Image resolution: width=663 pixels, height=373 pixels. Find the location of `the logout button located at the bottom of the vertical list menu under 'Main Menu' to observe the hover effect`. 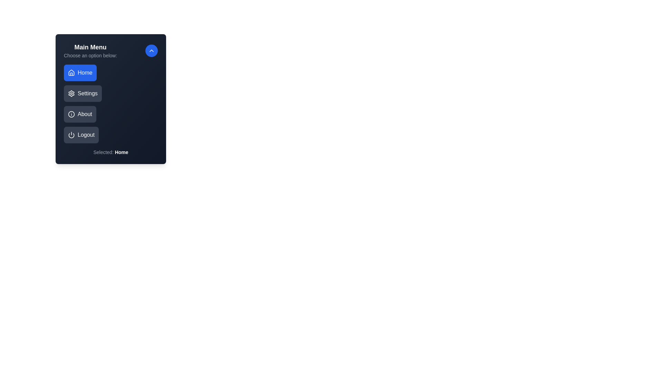

the logout button located at the bottom of the vertical list menu under 'Main Menu' to observe the hover effect is located at coordinates (81, 135).